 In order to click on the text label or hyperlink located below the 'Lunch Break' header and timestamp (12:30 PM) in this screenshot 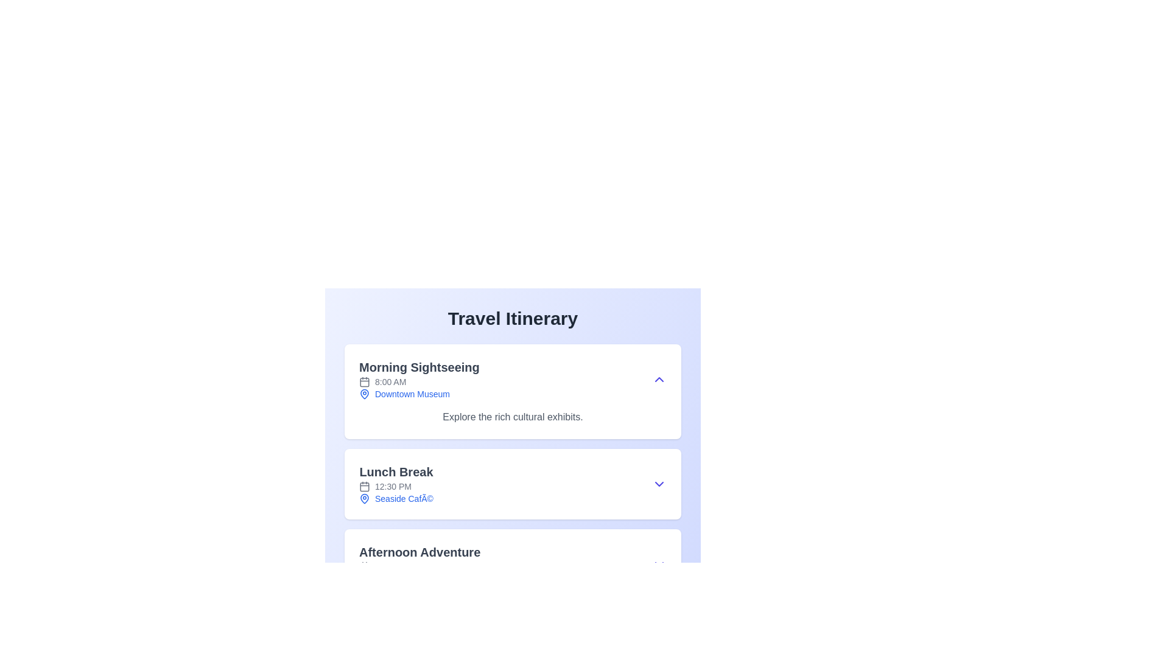, I will do `click(404, 499)`.